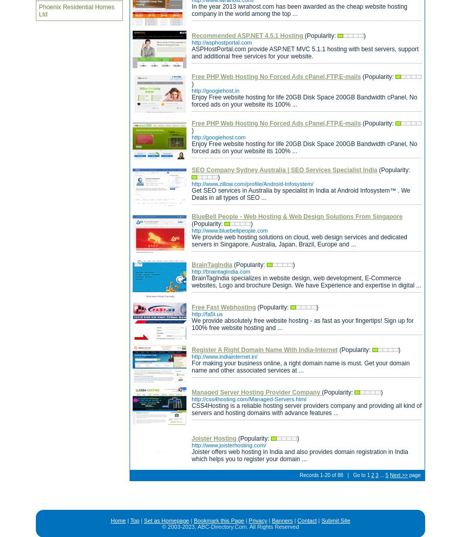 This screenshot has width=461, height=537. Describe the element at coordinates (381, 475) in the screenshot. I see `'...'` at that location.